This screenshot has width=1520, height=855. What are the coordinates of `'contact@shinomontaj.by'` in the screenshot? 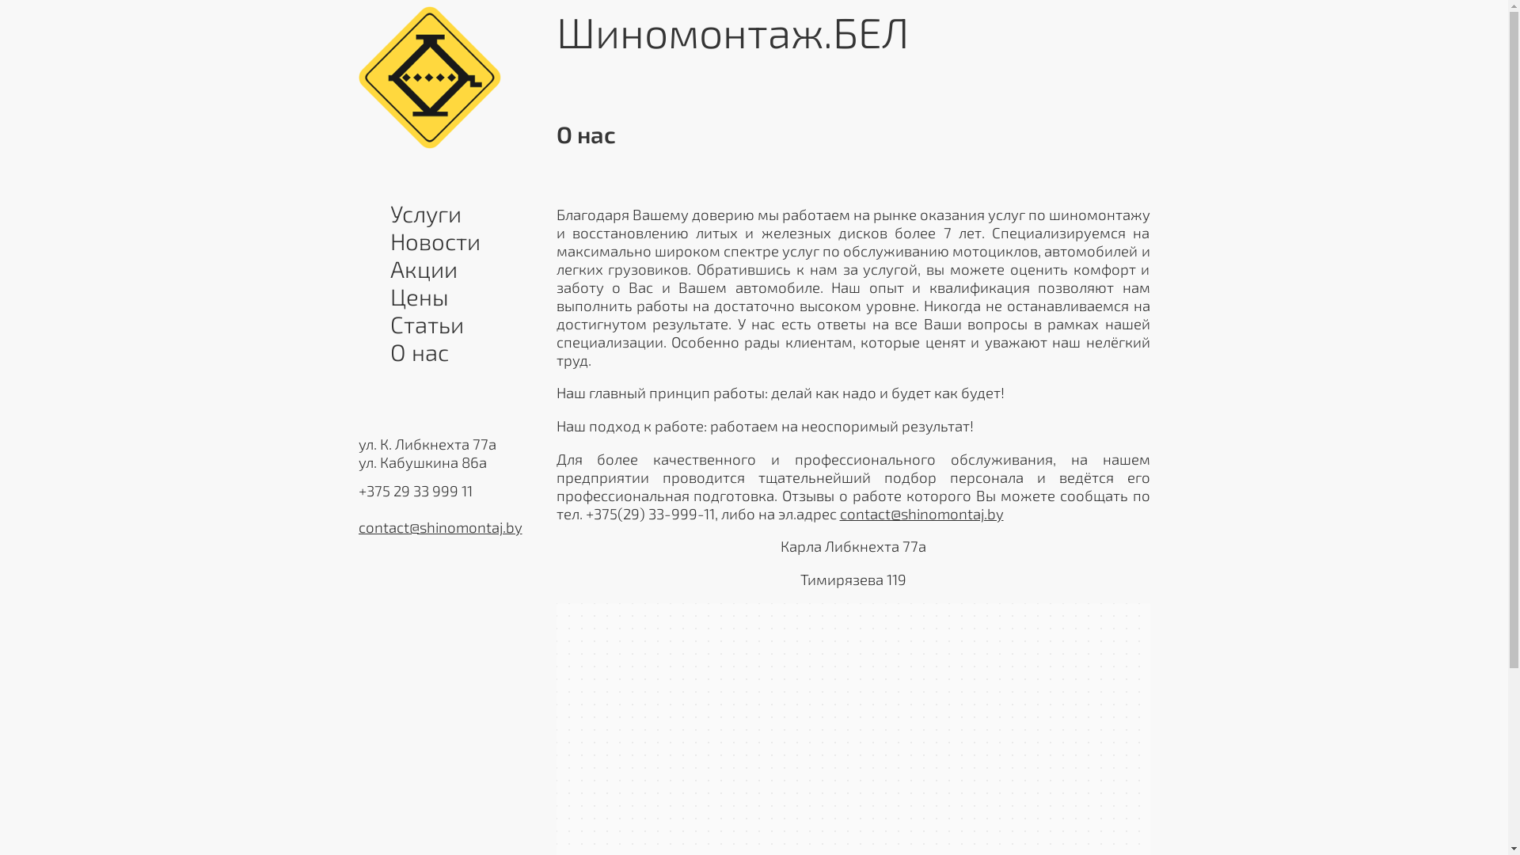 It's located at (921, 513).